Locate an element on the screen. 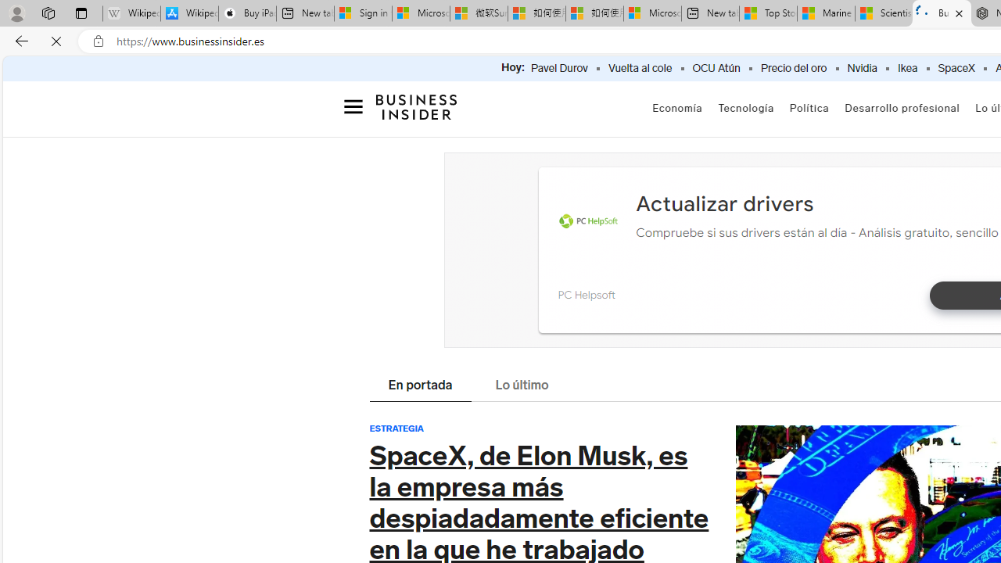 The image size is (1001, 563). 'Ikea' is located at coordinates (907, 68).